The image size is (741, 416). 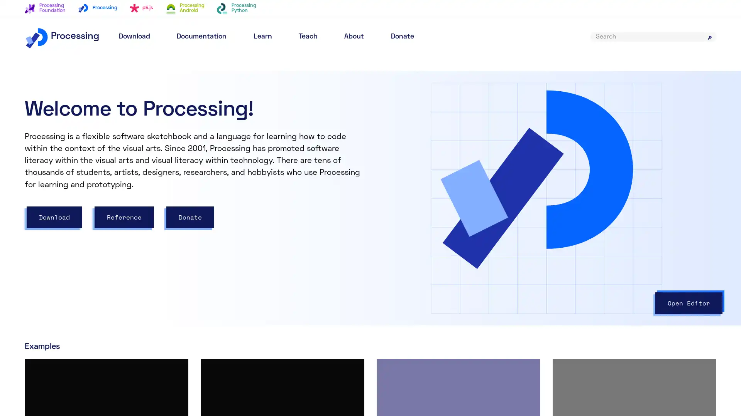 I want to click on line, so click(x=400, y=264).